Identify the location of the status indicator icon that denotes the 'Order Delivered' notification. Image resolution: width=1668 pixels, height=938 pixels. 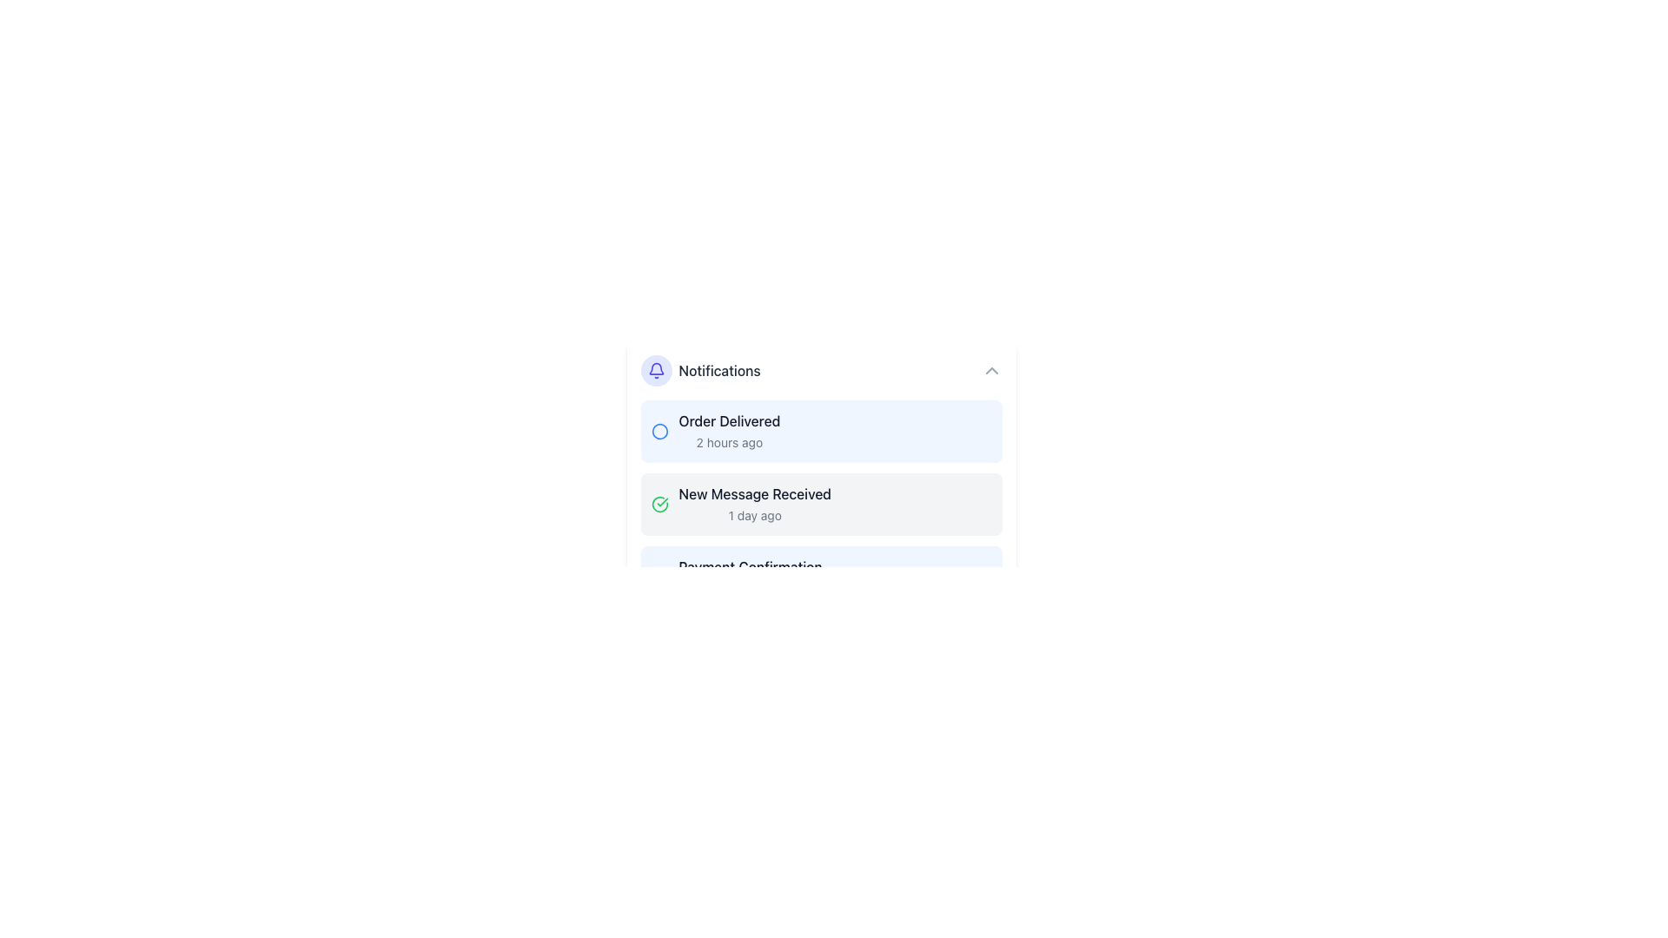
(659, 431).